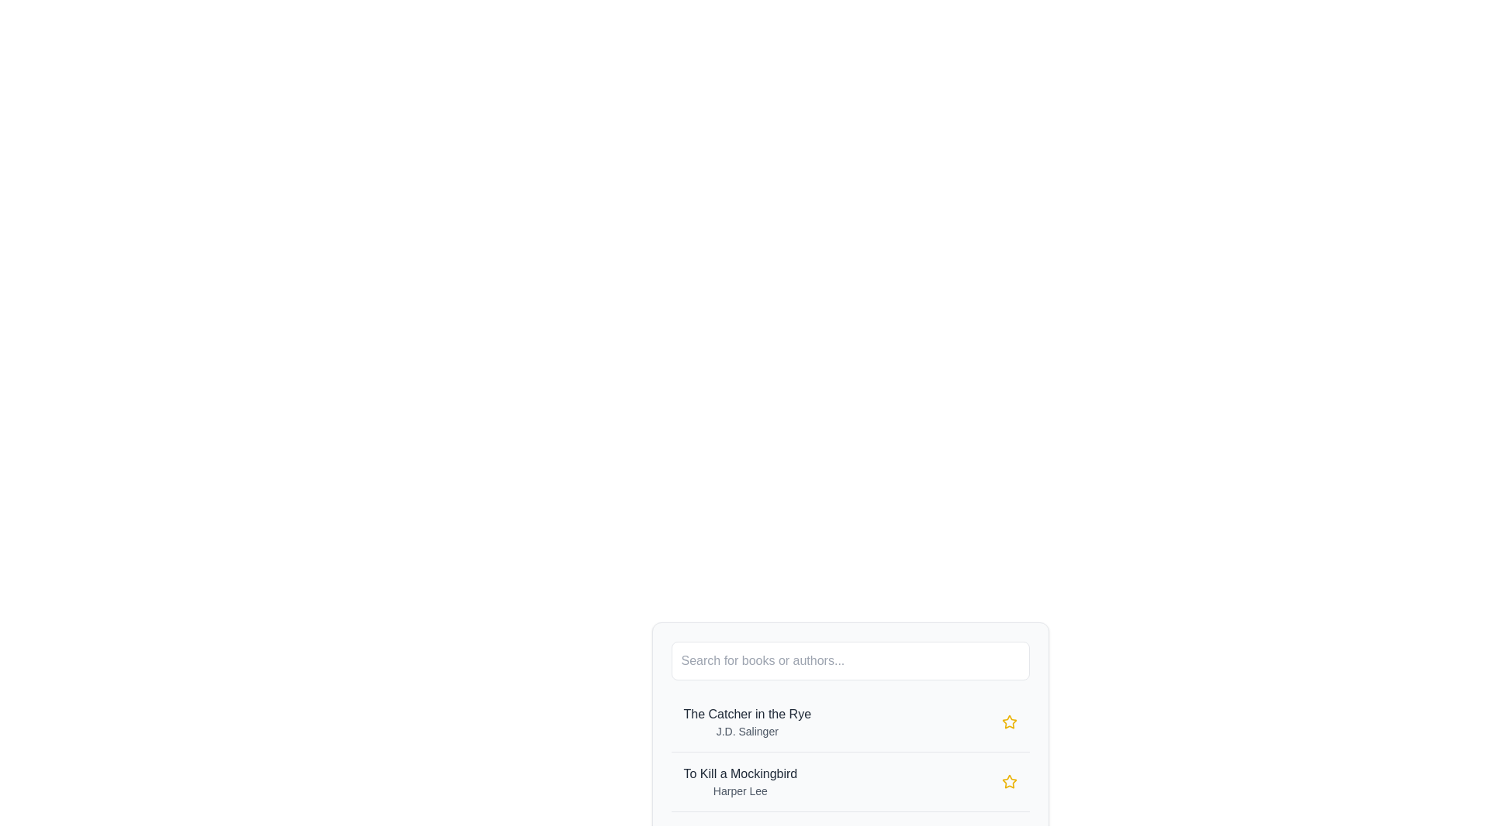  I want to click on the Star icon located at the far right of the entry titled 'The Catcher in the Rye' by 'J.D. Salinger', so click(1009, 722).